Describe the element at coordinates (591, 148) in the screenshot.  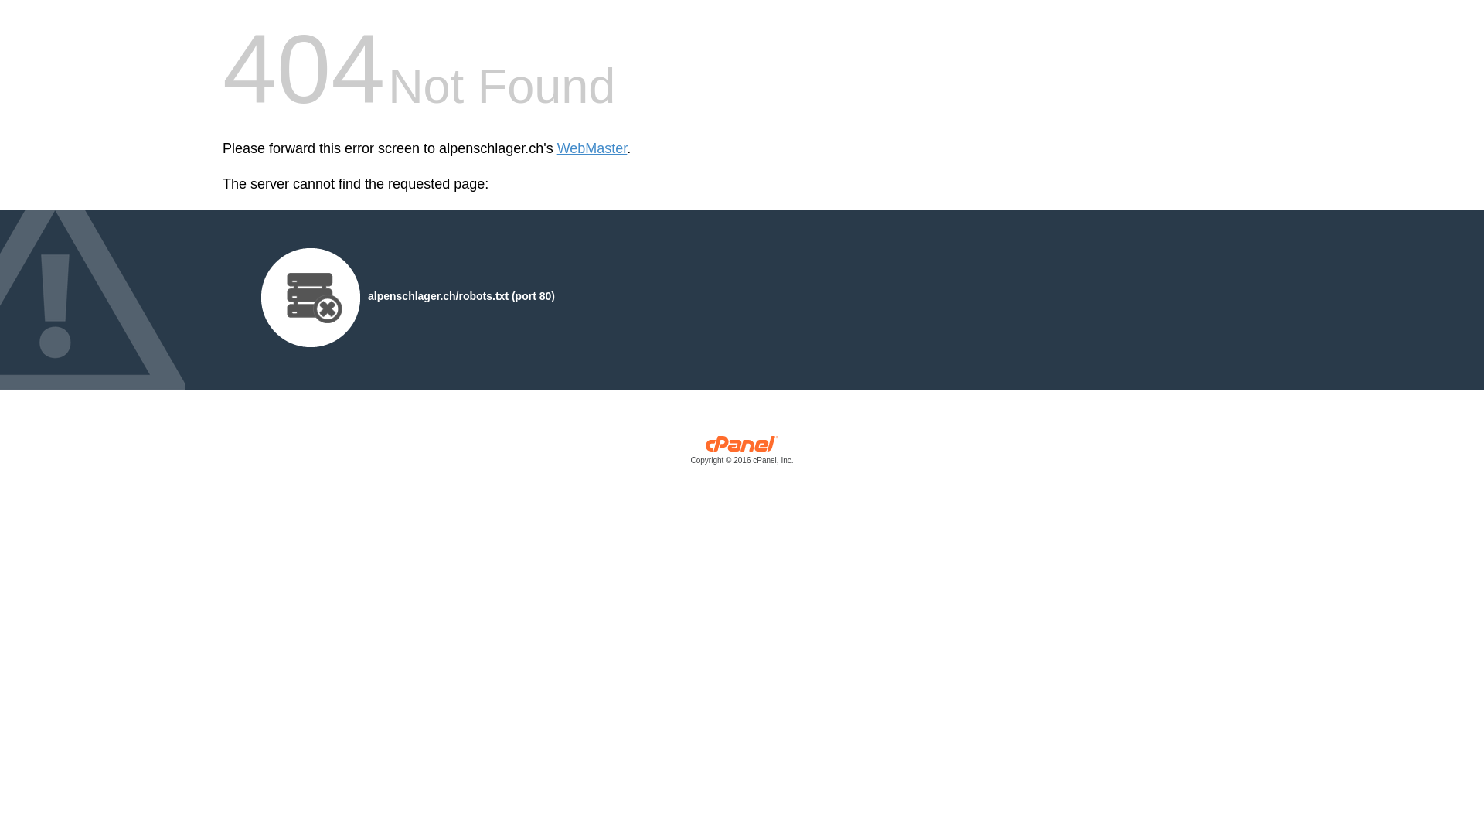
I see `'WebMaster'` at that location.